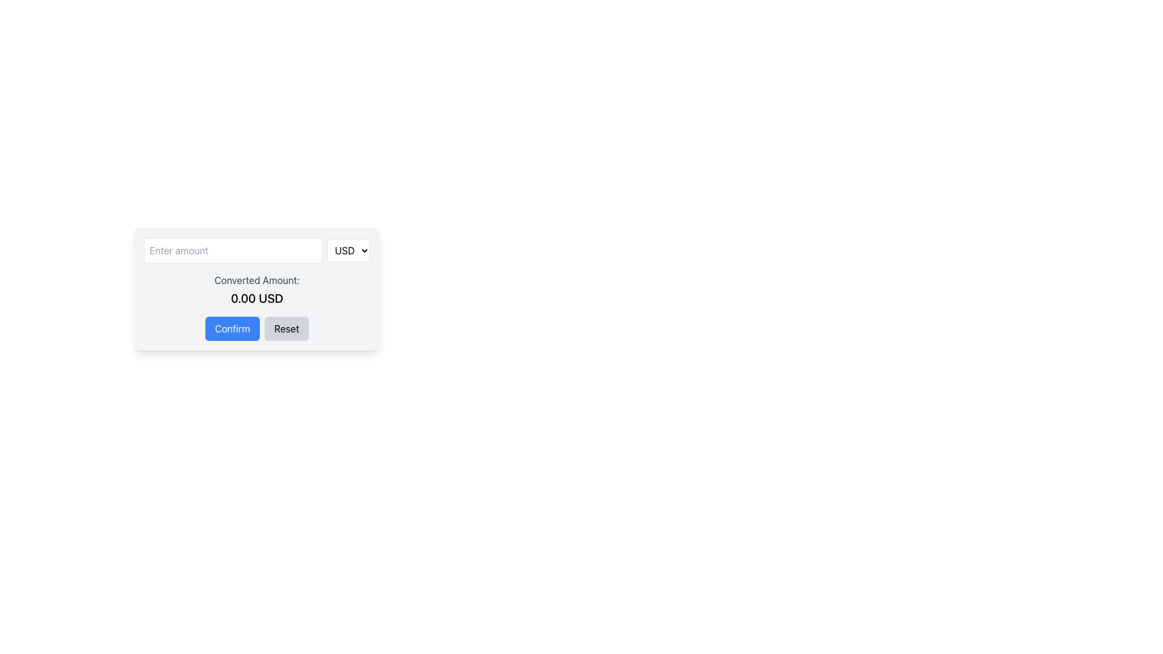  I want to click on the 'Reset' button, which is a rectangular button with rounded corners, light gray background, and black text, located to the right of the 'Confirm' button in the button group beneath the conversion information panel, so click(286, 329).